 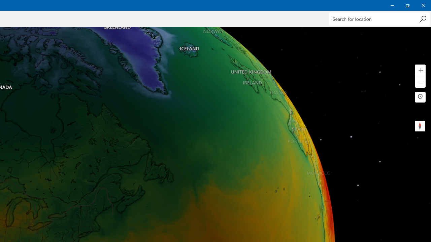 What do you see at coordinates (392, 5) in the screenshot?
I see `'Minimize Weather'` at bounding box center [392, 5].